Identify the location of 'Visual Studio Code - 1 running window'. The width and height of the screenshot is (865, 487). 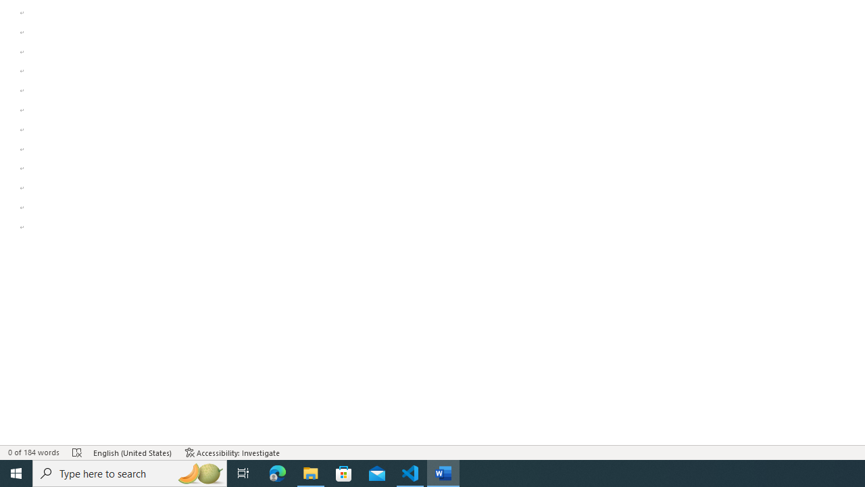
(410, 472).